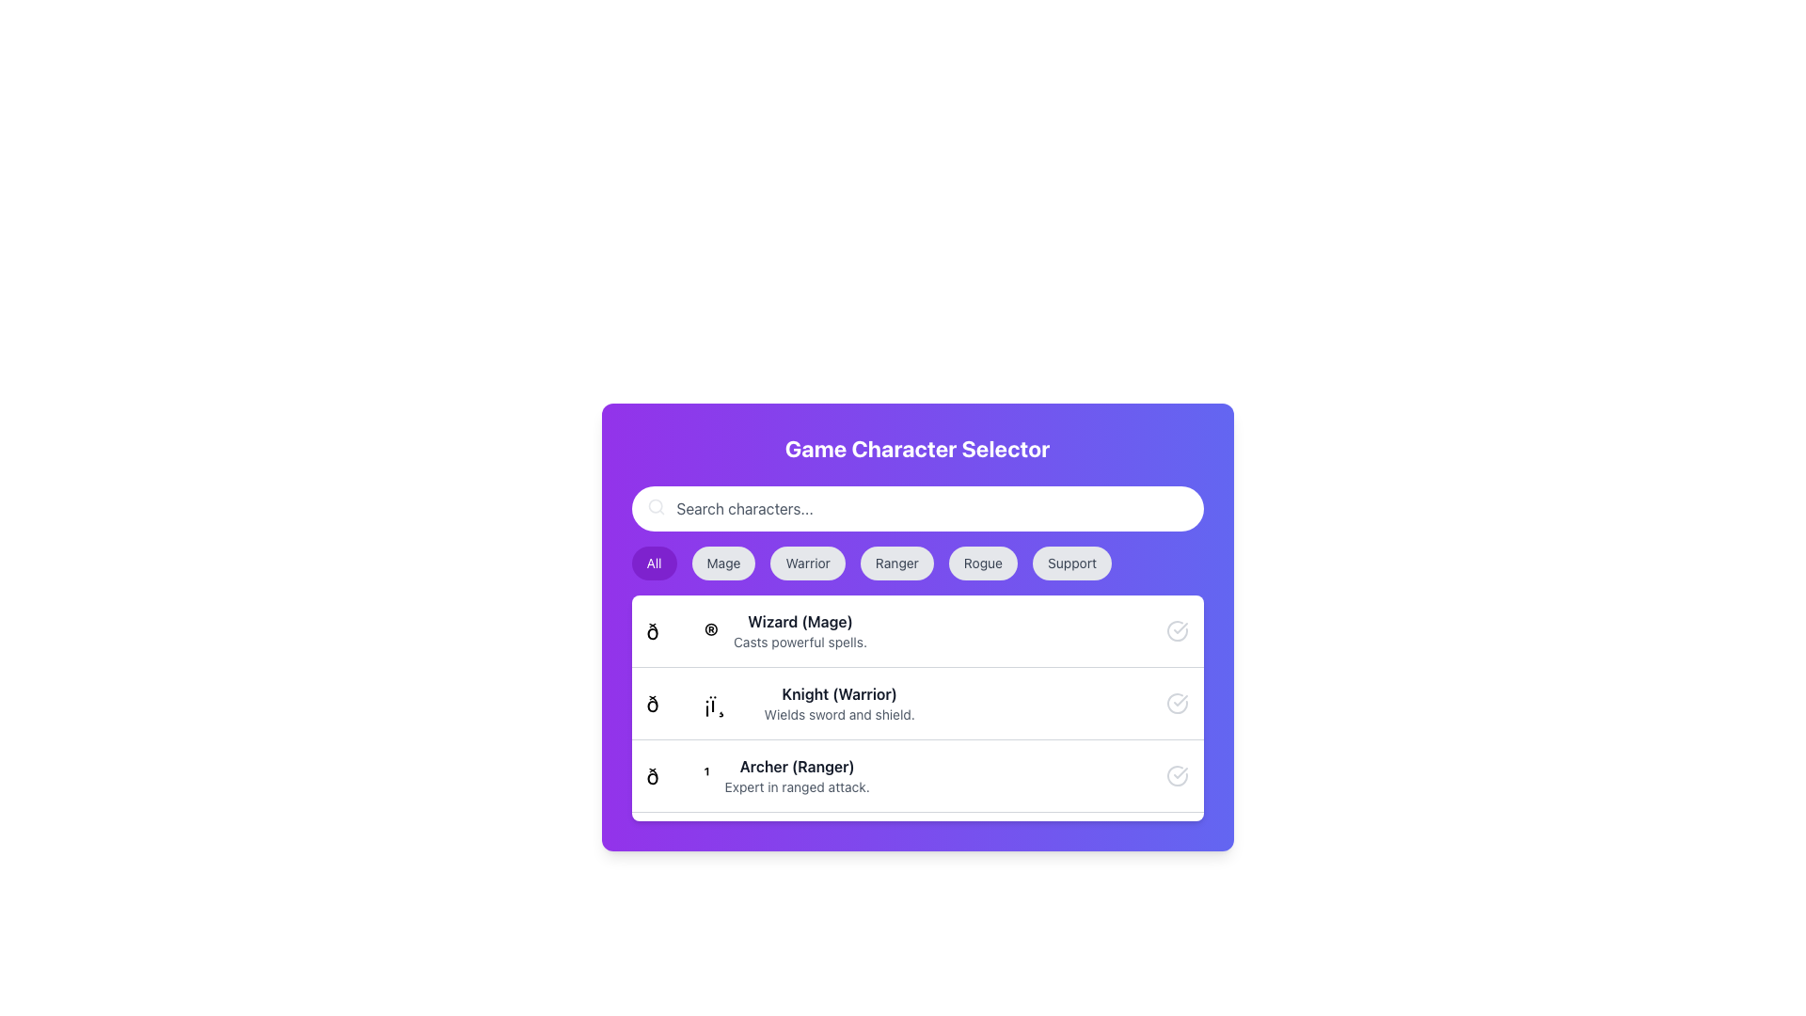  What do you see at coordinates (1176, 704) in the screenshot?
I see `the circular icon with a checkmark located at the right end of the 'Knight (Warrior)' entry in the Game Character Selector` at bounding box center [1176, 704].